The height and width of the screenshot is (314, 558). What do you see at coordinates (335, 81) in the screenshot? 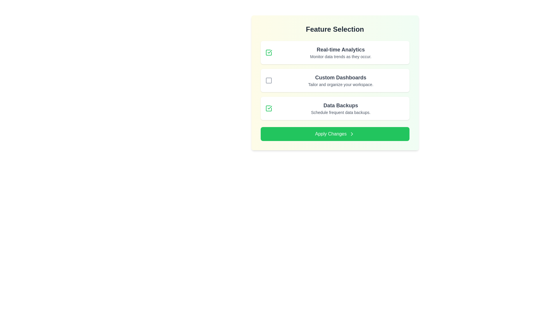
I see `the 'Custom Dashboards' selection option with checkbox and text description` at bounding box center [335, 81].